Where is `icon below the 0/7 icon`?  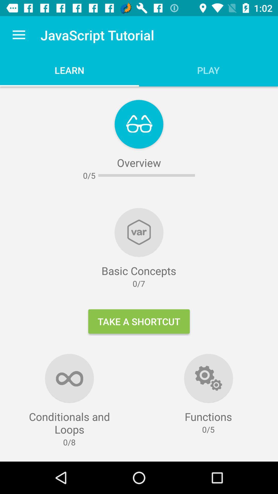
icon below the 0/7 icon is located at coordinates (139, 321).